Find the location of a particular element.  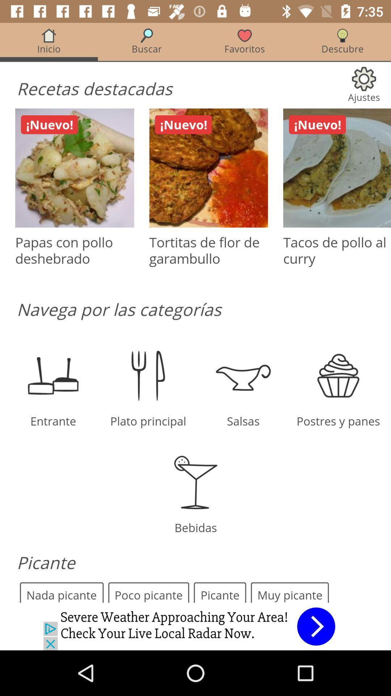

click discriiption is located at coordinates (195, 312).